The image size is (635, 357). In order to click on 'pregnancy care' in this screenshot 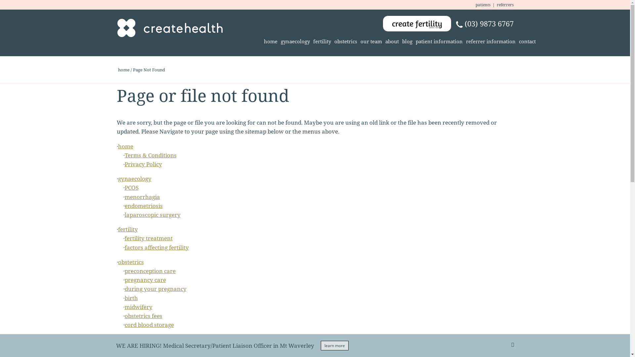, I will do `click(124, 280)`.